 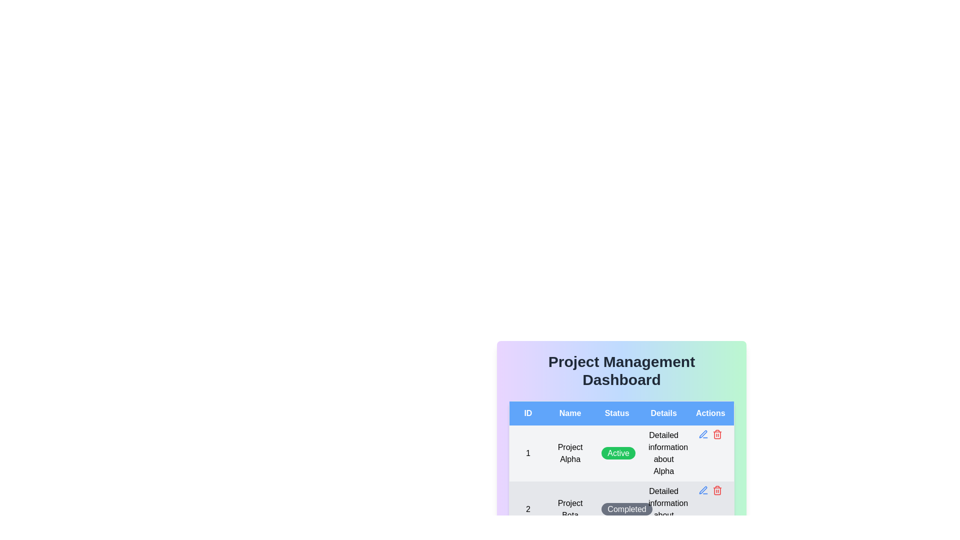 What do you see at coordinates (710, 433) in the screenshot?
I see `the blue pencil icon in the 'Actions' column of the first row for 'Project Alpha' to initiate editing` at bounding box center [710, 433].